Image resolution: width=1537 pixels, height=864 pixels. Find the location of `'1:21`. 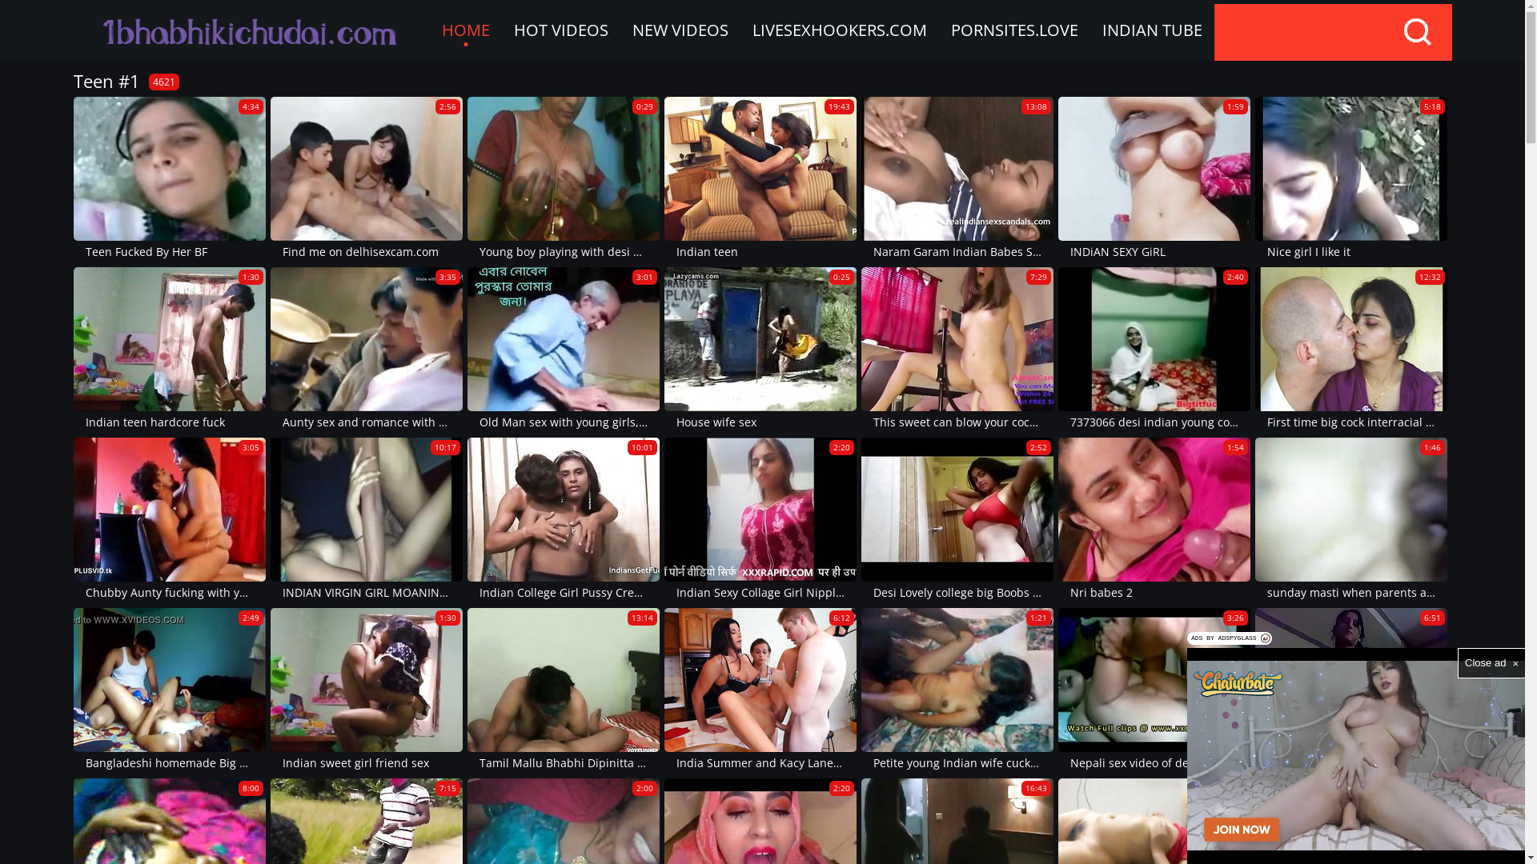

'1:21 is located at coordinates (860, 690).